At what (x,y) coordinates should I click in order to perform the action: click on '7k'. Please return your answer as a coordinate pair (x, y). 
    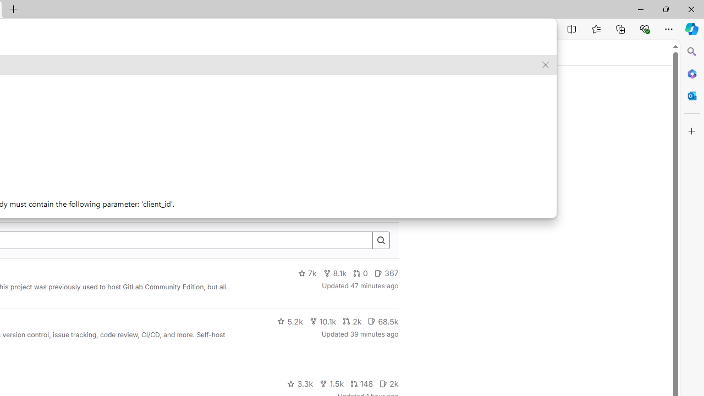
    Looking at the image, I should click on (307, 273).